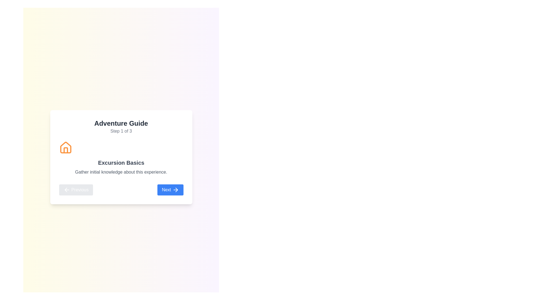 The width and height of the screenshot is (533, 299). Describe the element at coordinates (121, 131) in the screenshot. I see `text label that says 'Step 1 of 3', which is styled in gray and located below the 'Adventure Guide' title in the centered white card` at that location.